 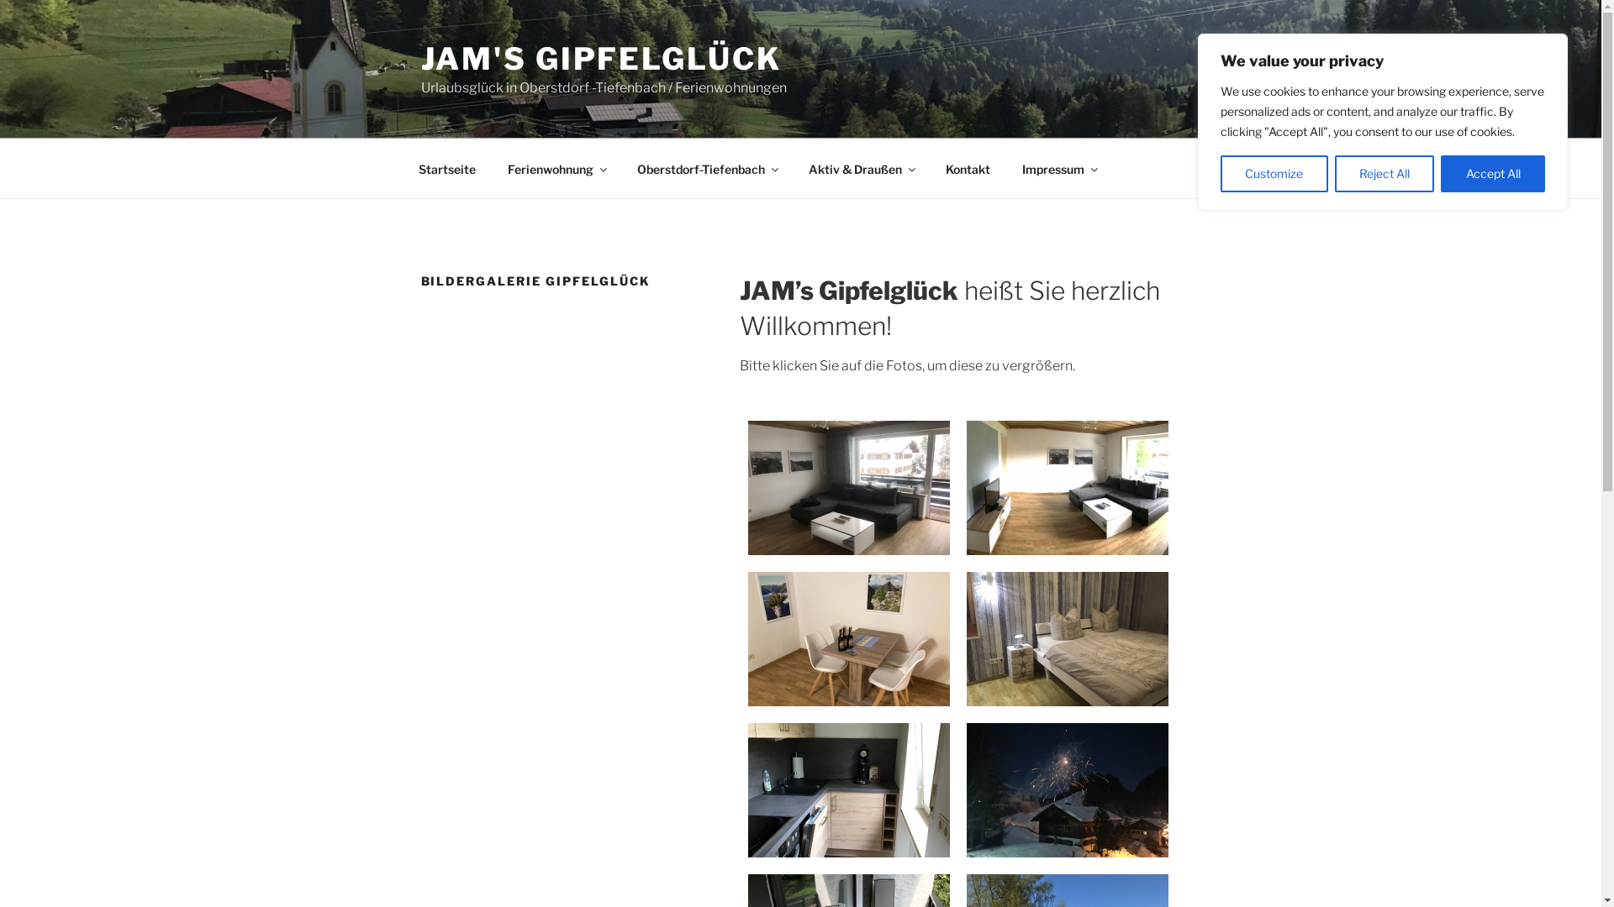 What do you see at coordinates (556, 168) in the screenshot?
I see `'Ferienwohnung'` at bounding box center [556, 168].